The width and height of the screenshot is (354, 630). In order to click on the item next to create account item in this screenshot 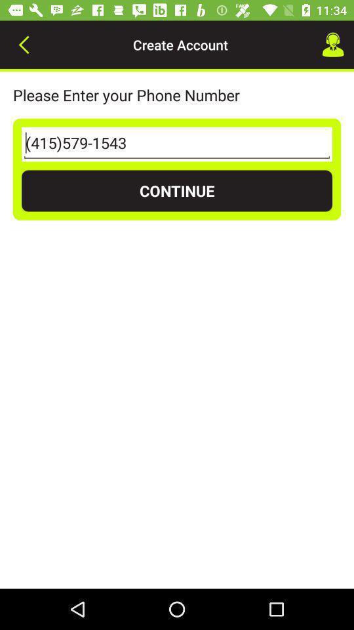, I will do `click(24, 45)`.